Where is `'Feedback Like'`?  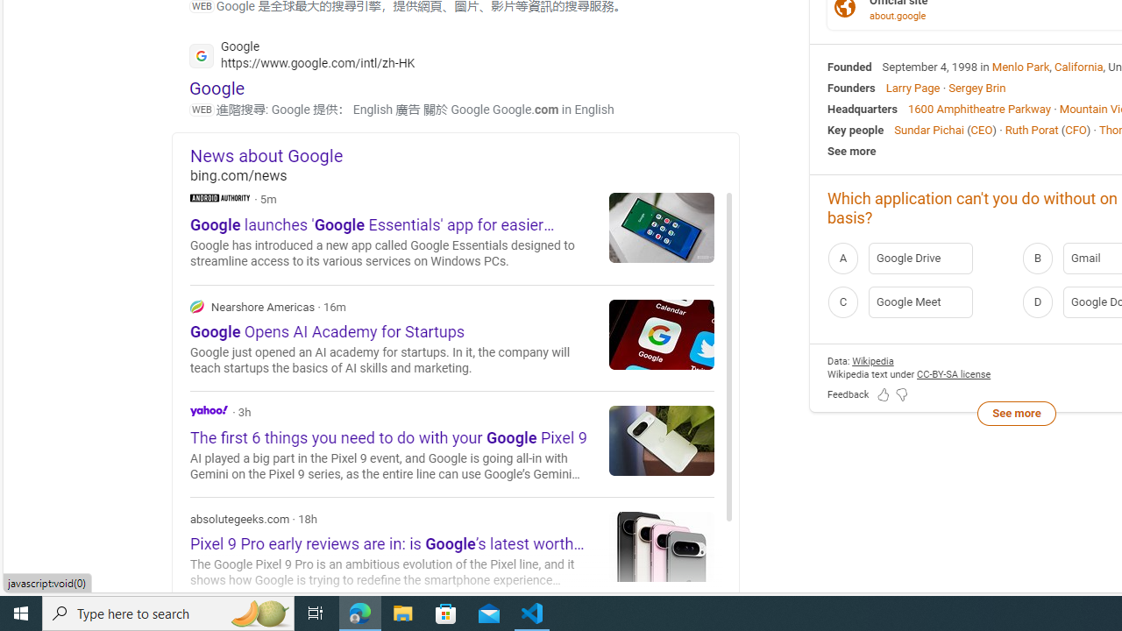 'Feedback Like' is located at coordinates (884, 395).